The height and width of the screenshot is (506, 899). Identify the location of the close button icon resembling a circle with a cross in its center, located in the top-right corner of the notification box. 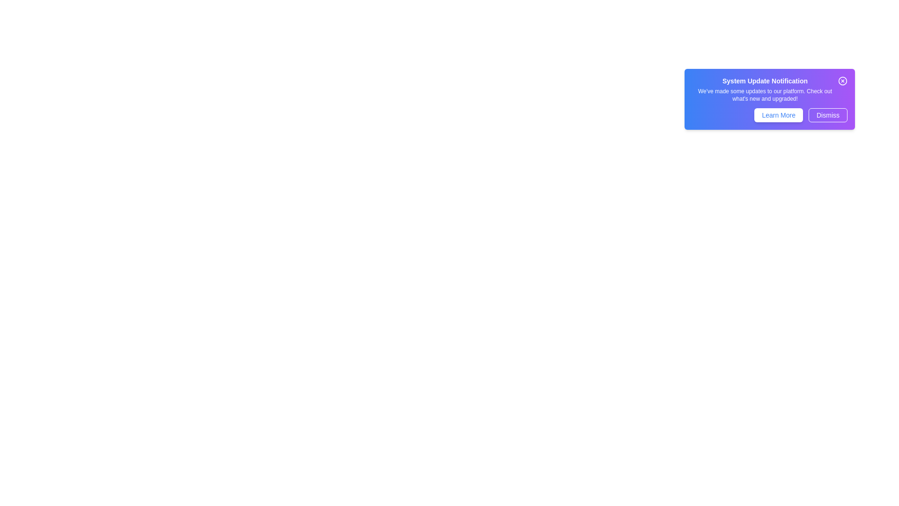
(843, 81).